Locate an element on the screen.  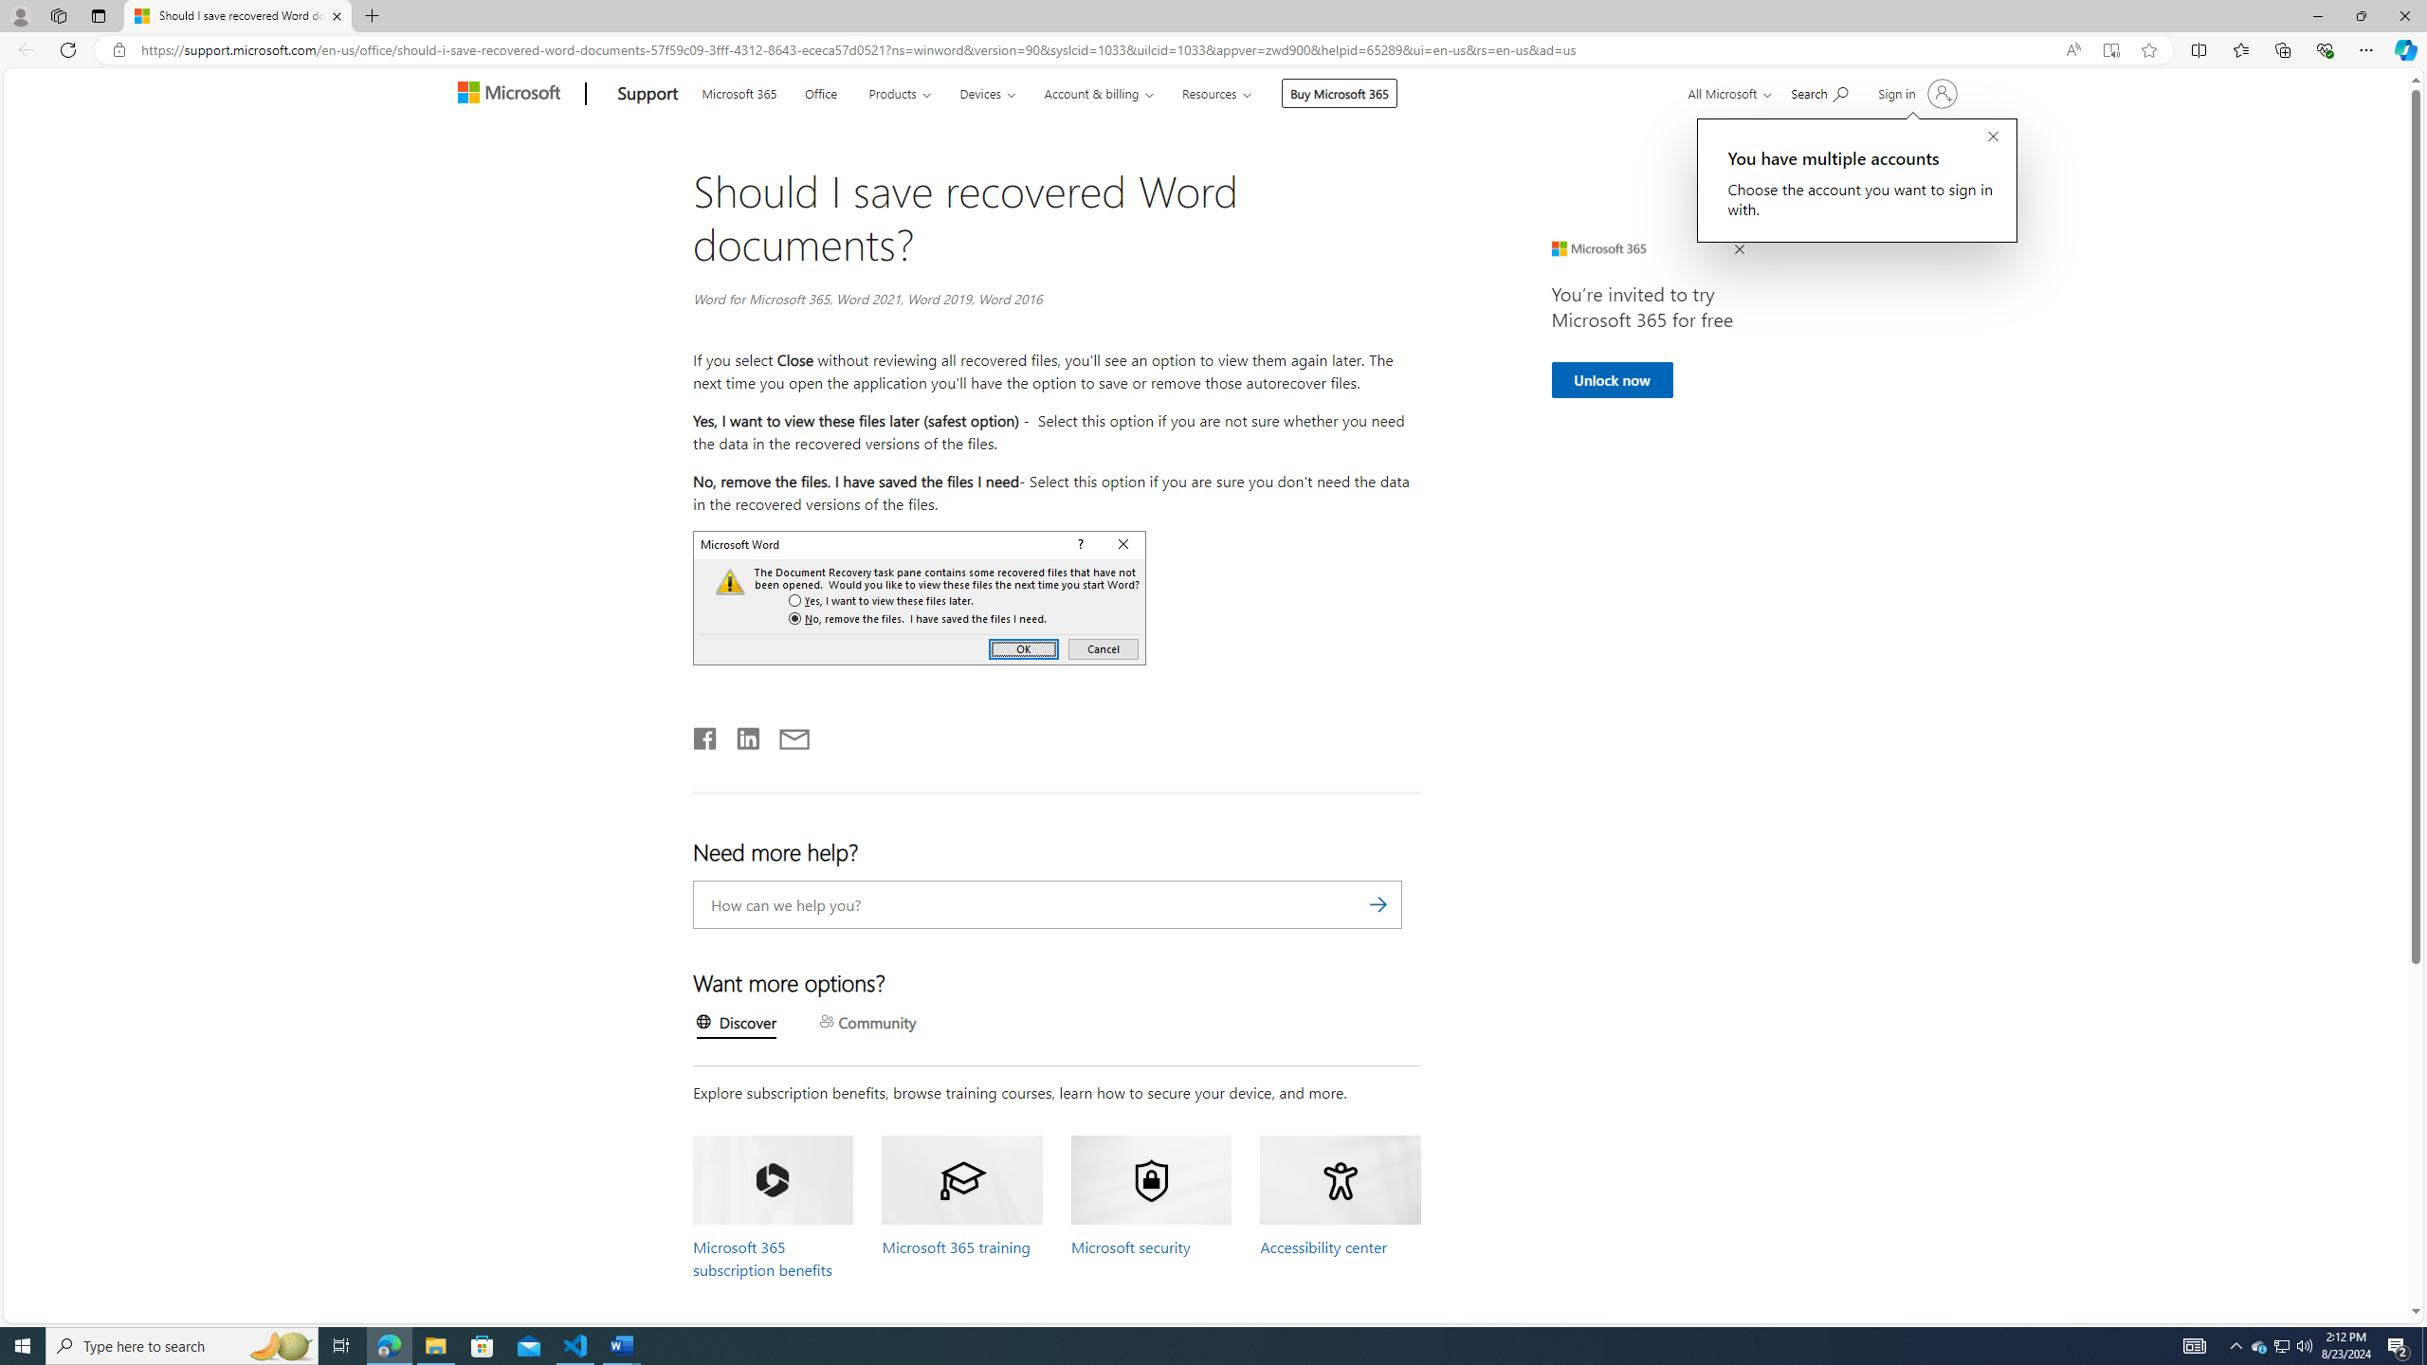
'Restore' is located at coordinates (2361, 15).